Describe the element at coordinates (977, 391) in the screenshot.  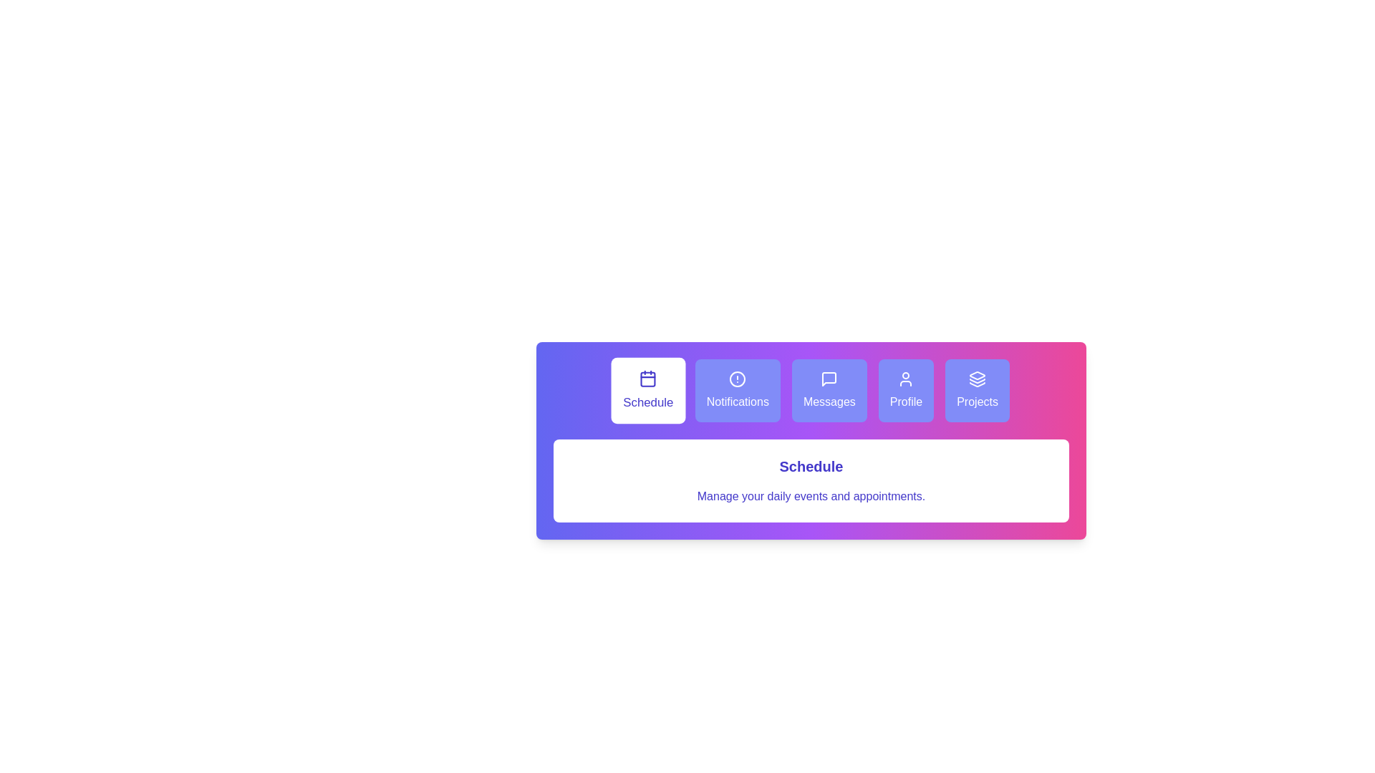
I see `the Projects tab to switch to its content` at that location.